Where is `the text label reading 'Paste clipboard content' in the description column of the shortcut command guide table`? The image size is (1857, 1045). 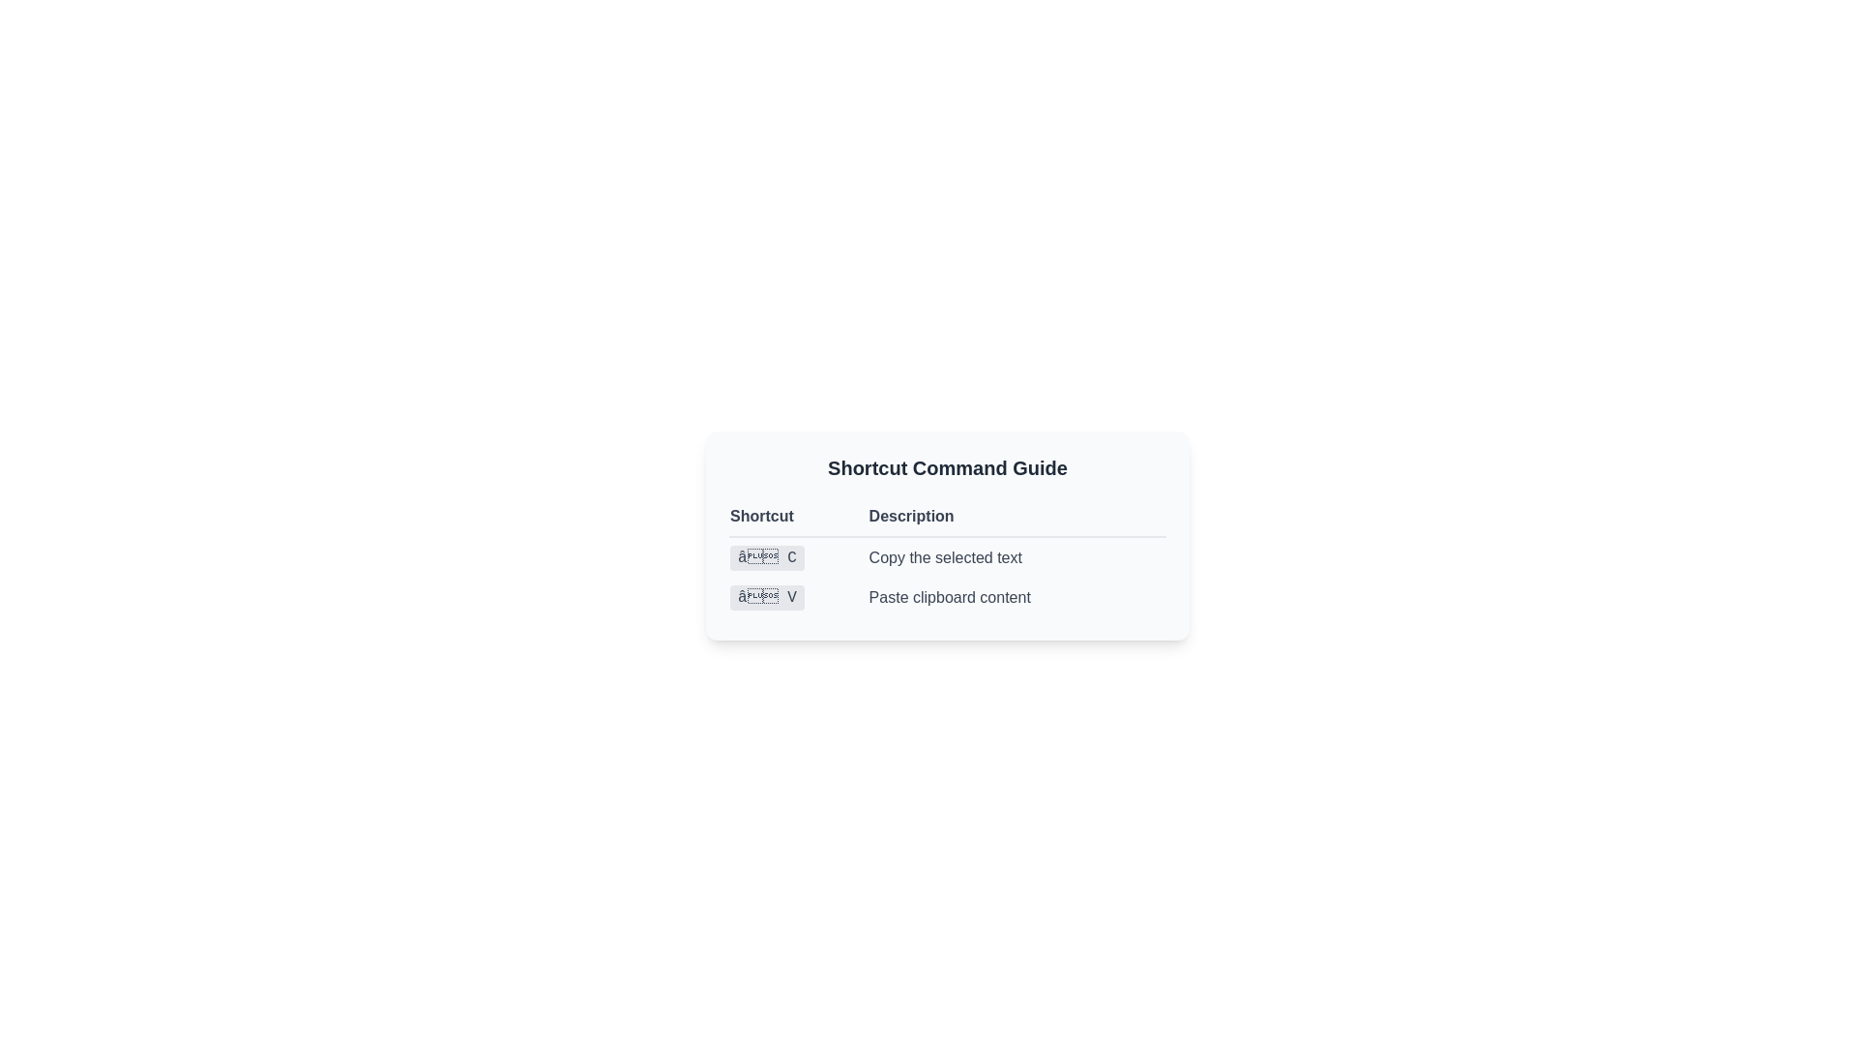 the text label reading 'Paste clipboard content' in the description column of the shortcut command guide table is located at coordinates (1016, 596).